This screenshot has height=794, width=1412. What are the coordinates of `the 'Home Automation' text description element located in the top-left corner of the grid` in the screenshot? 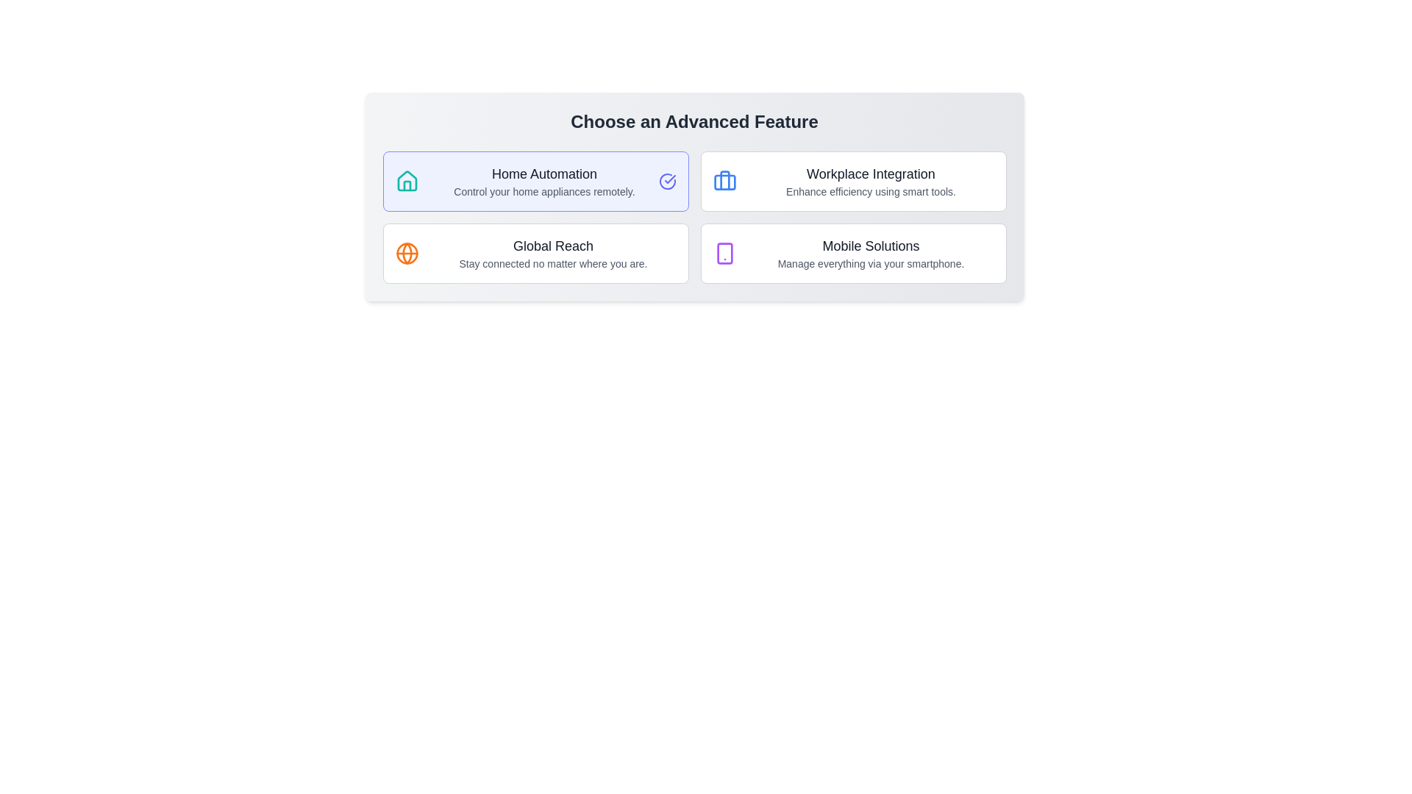 It's located at (543, 180).